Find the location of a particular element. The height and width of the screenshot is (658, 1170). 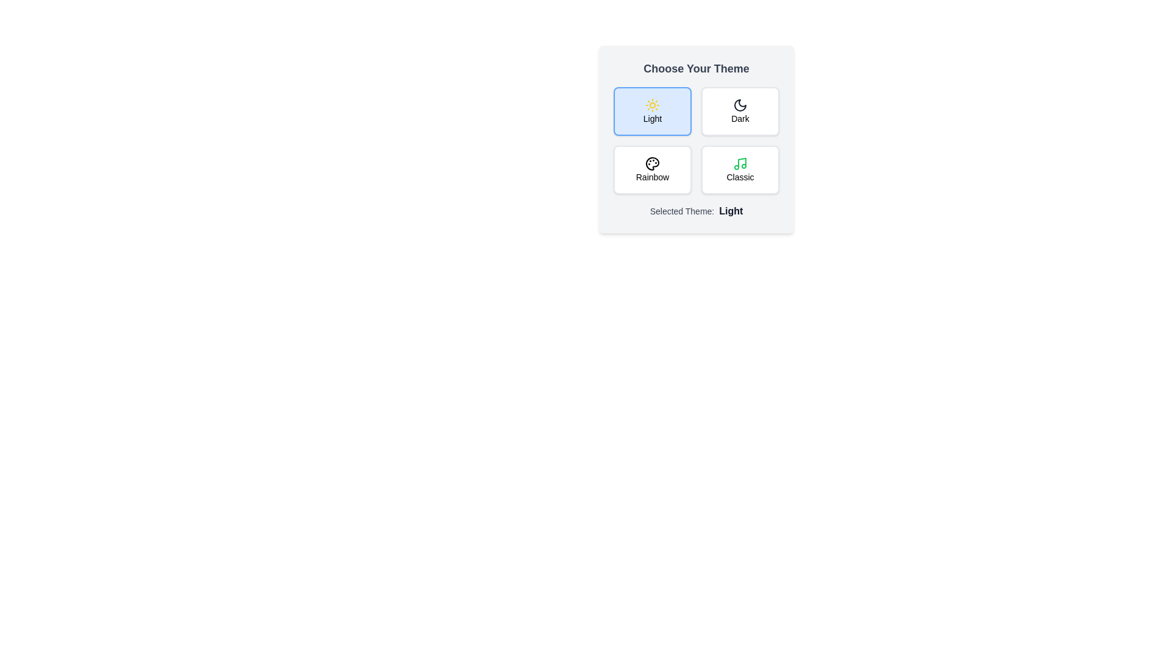

the theme button corresponding to the theme Light is located at coordinates (651, 111).